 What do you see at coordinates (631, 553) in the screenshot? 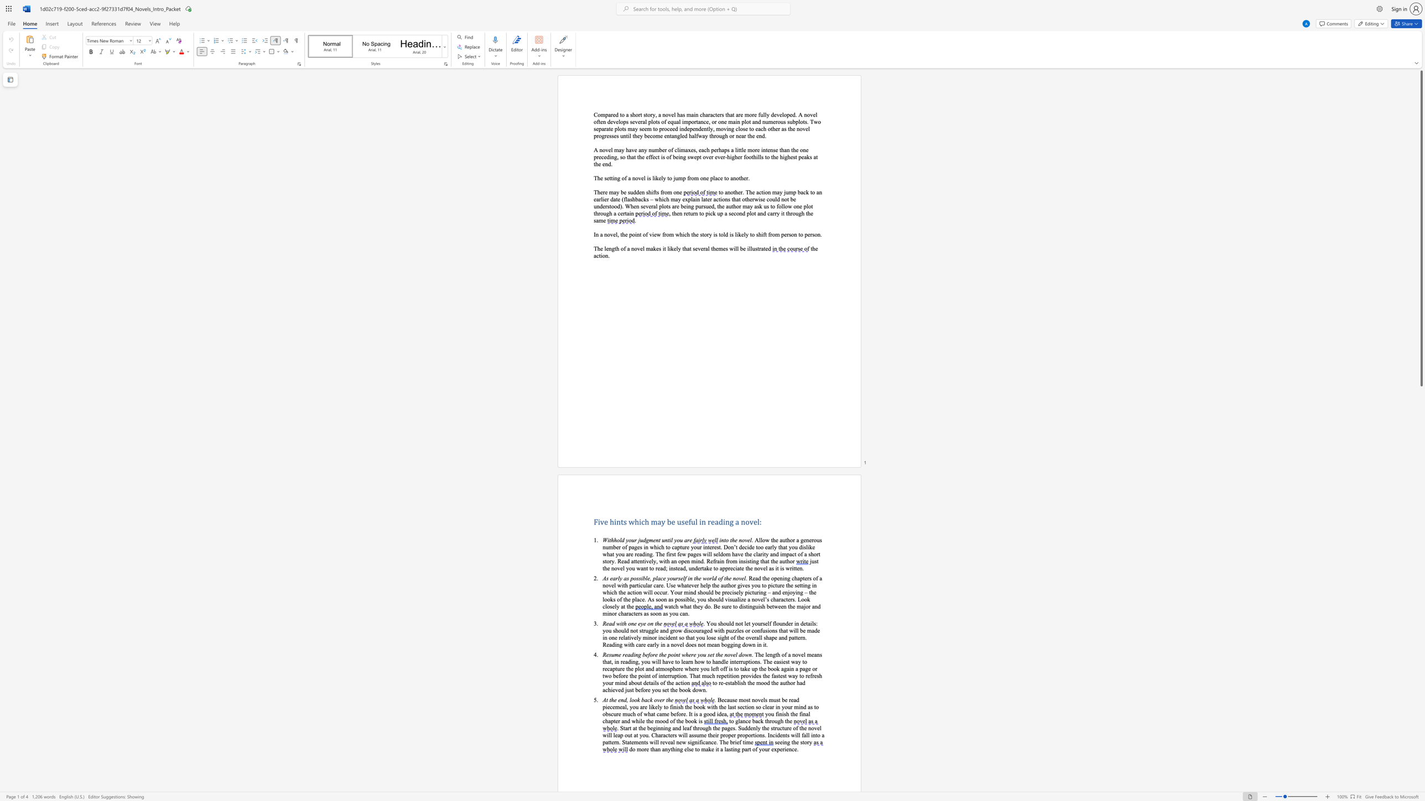
I see `the 5th character "e" in the text` at bounding box center [631, 553].